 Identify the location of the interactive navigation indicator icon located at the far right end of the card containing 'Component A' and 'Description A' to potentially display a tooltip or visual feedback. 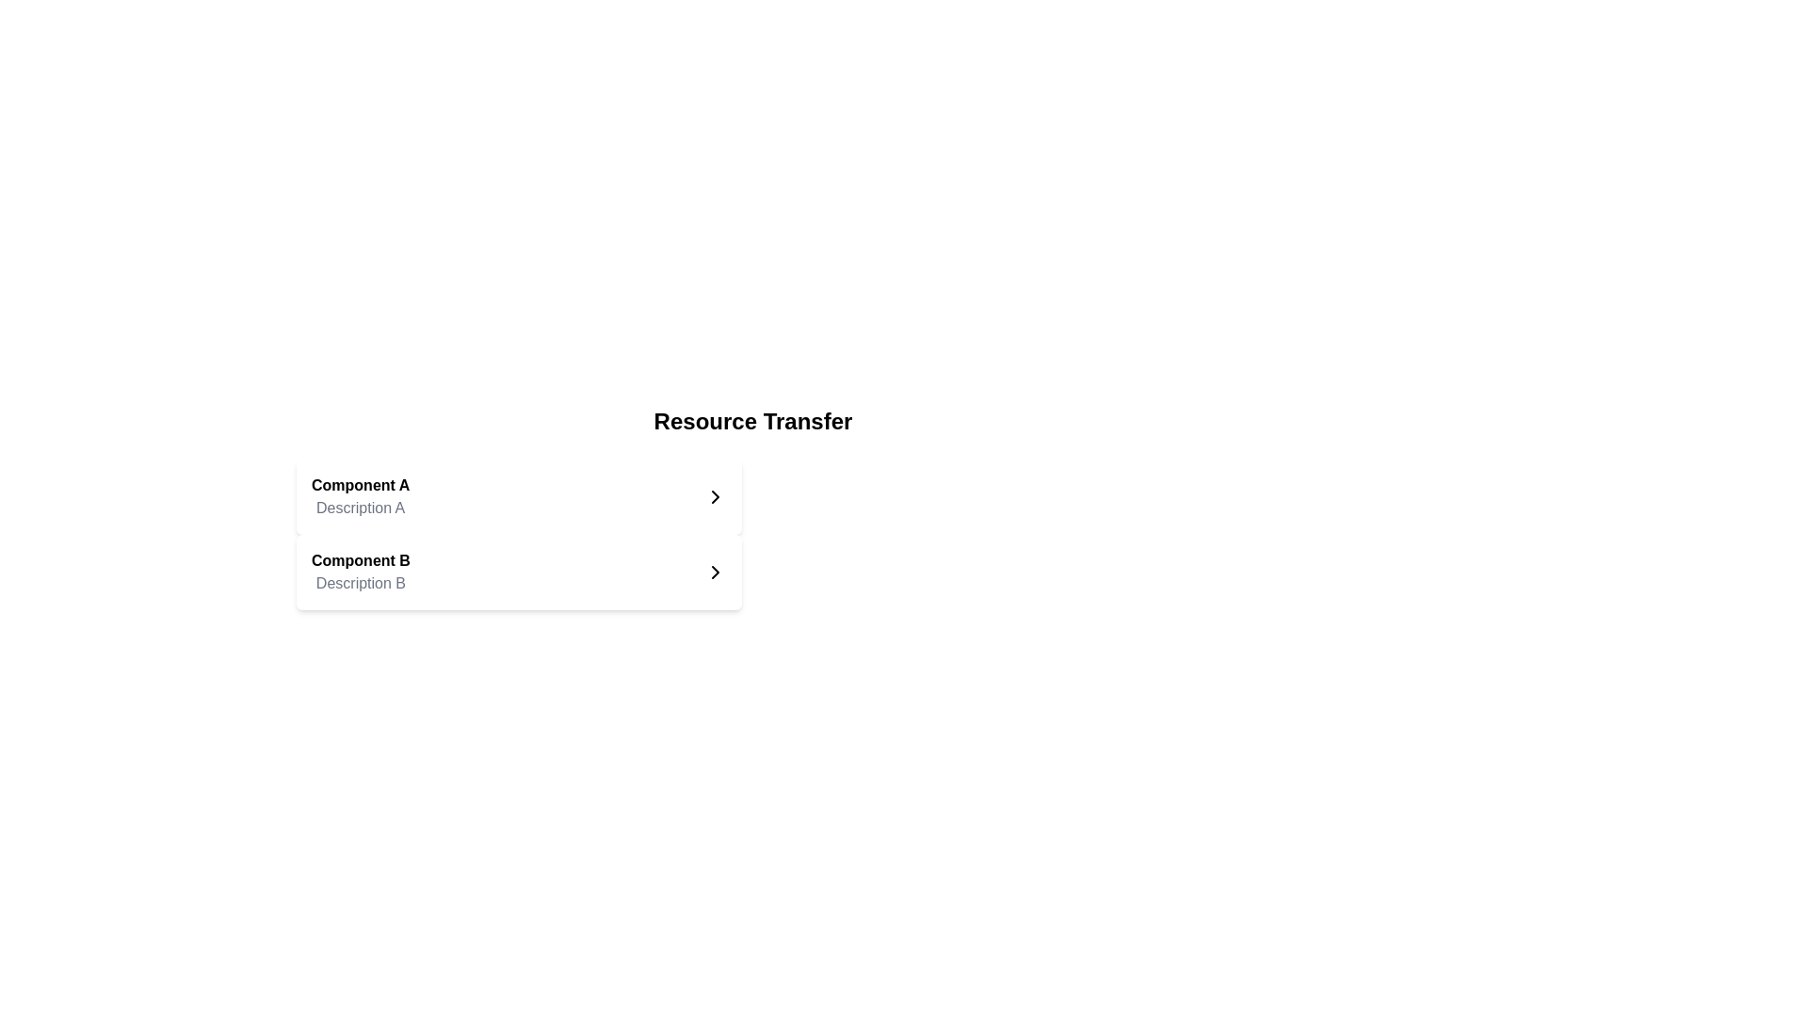
(714, 496).